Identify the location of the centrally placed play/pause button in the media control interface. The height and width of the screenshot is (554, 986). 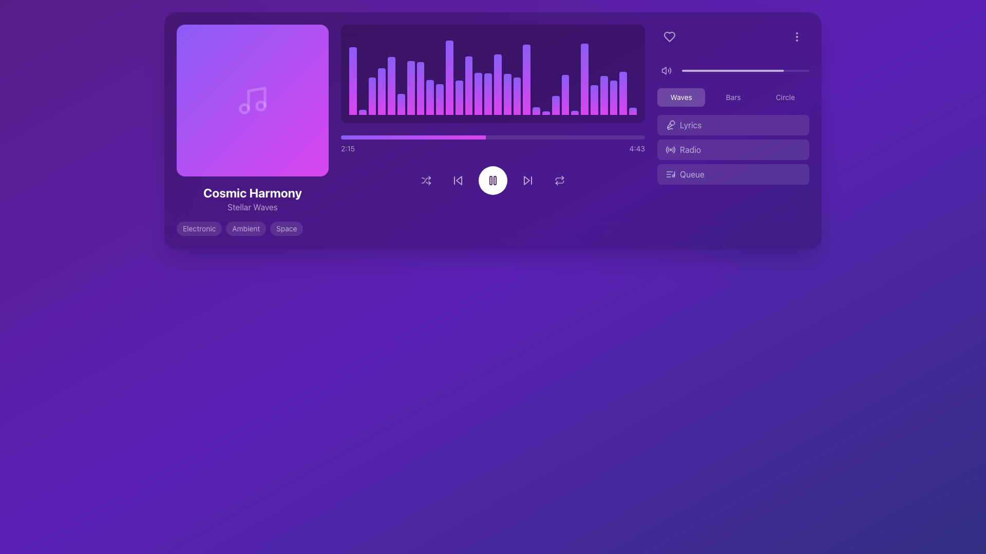
(493, 180).